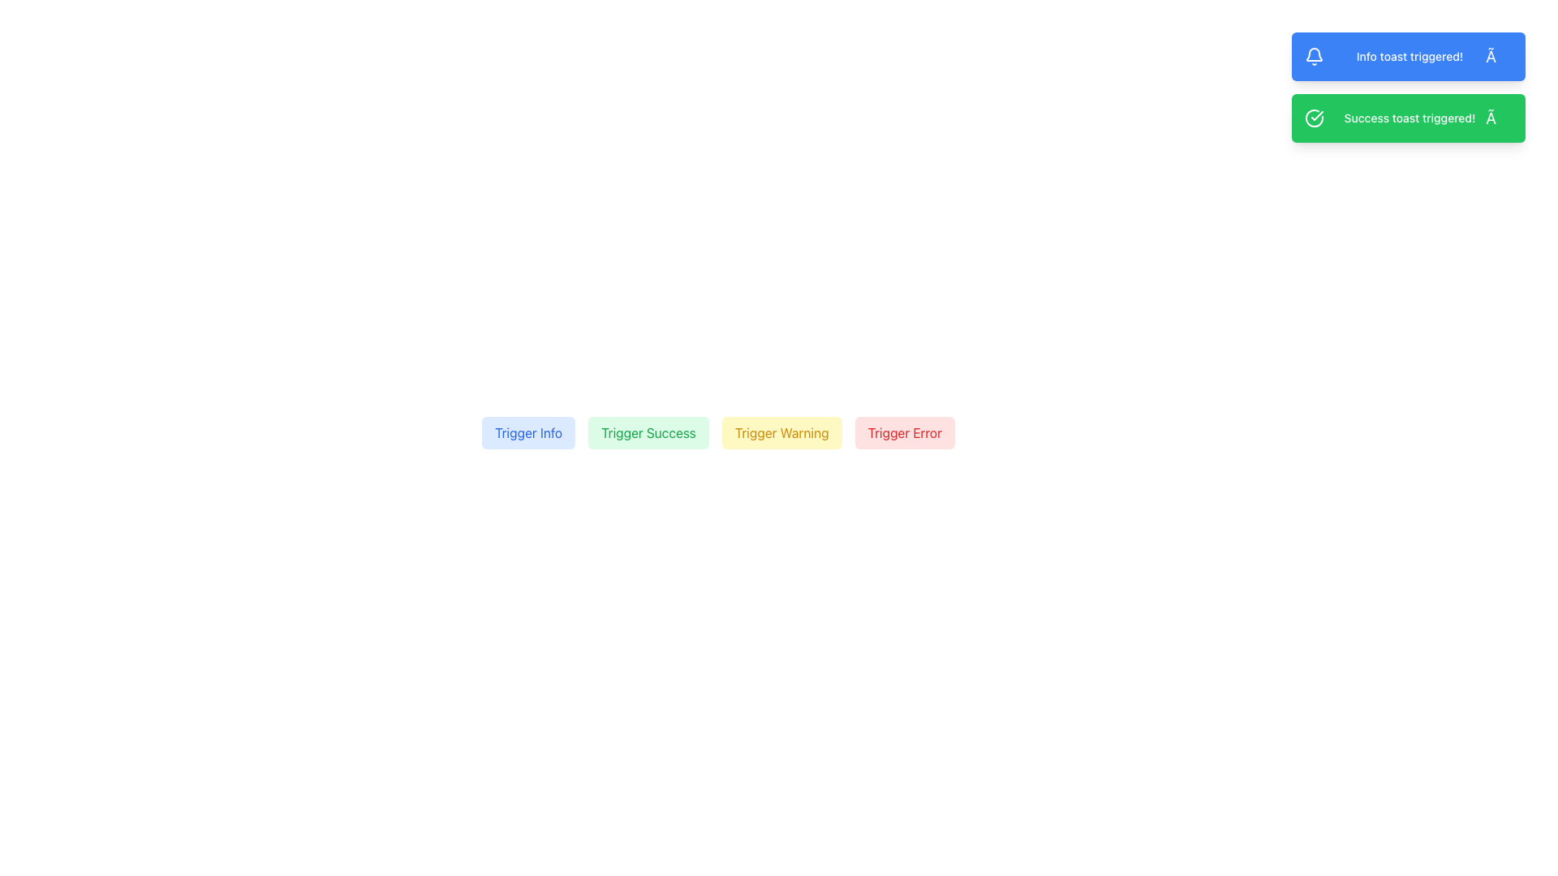 The height and width of the screenshot is (876, 1558). I want to click on the 'Trigger Warning' button, which has yellow text on a light yellow background, so click(781, 432).